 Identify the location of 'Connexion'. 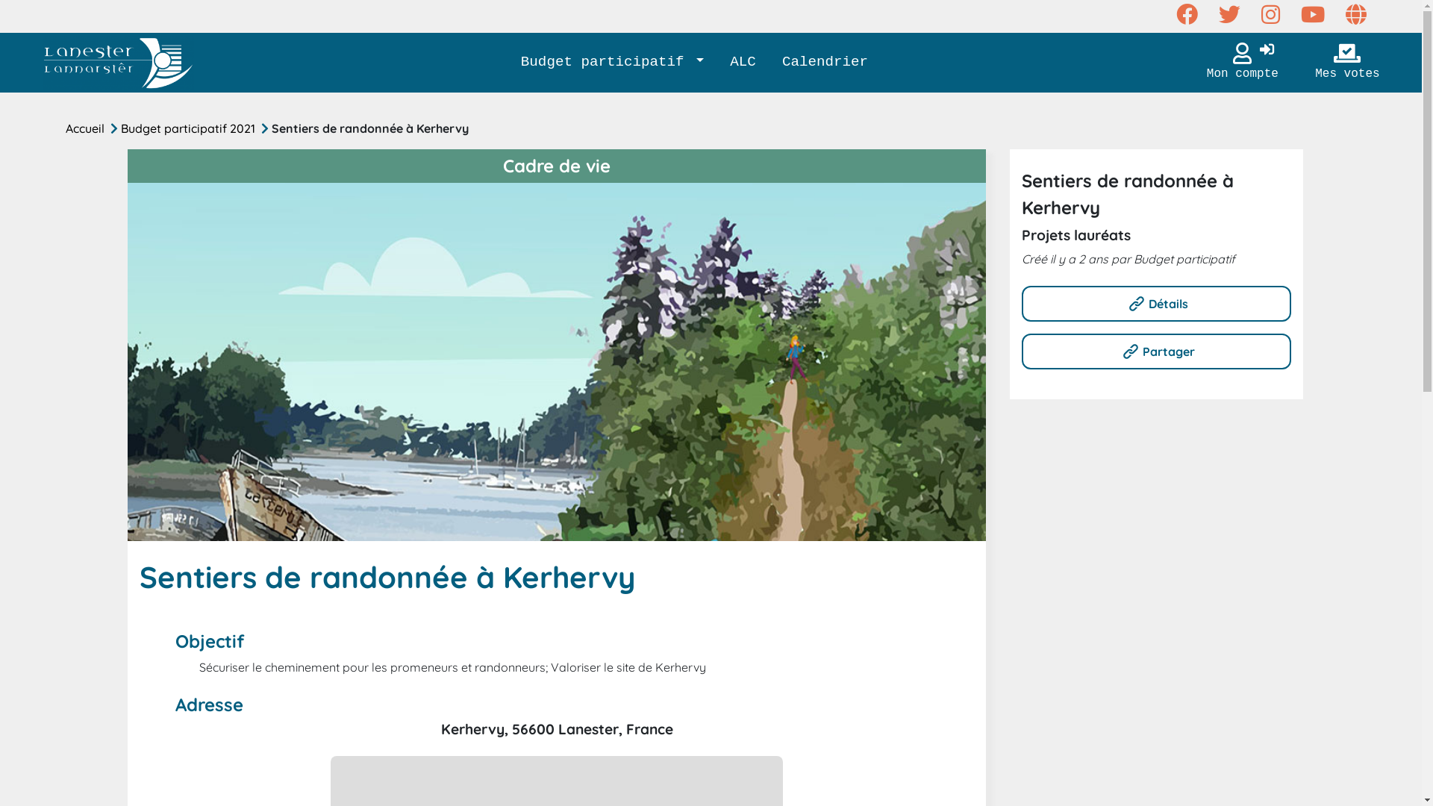
(1266, 50).